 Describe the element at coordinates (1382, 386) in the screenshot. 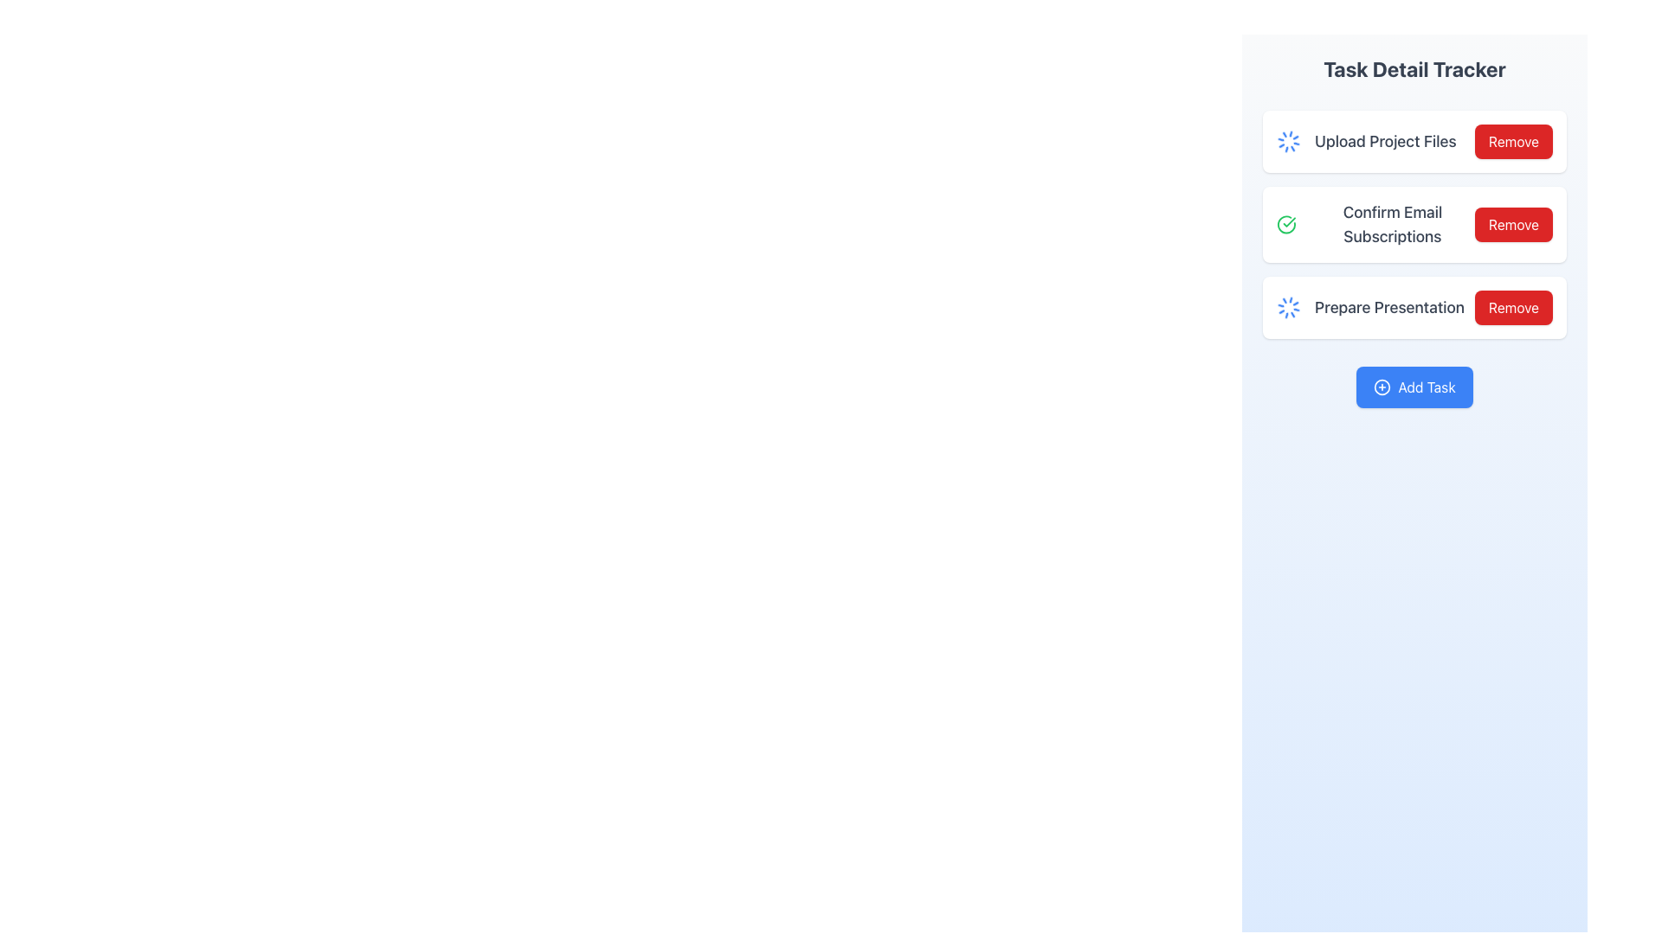

I see `the circular icon with a plus symbol inside it, which is rendered in a white outline on a blue background, located to the left of the 'Add Task' text within the button at the bottom of the panel` at that location.